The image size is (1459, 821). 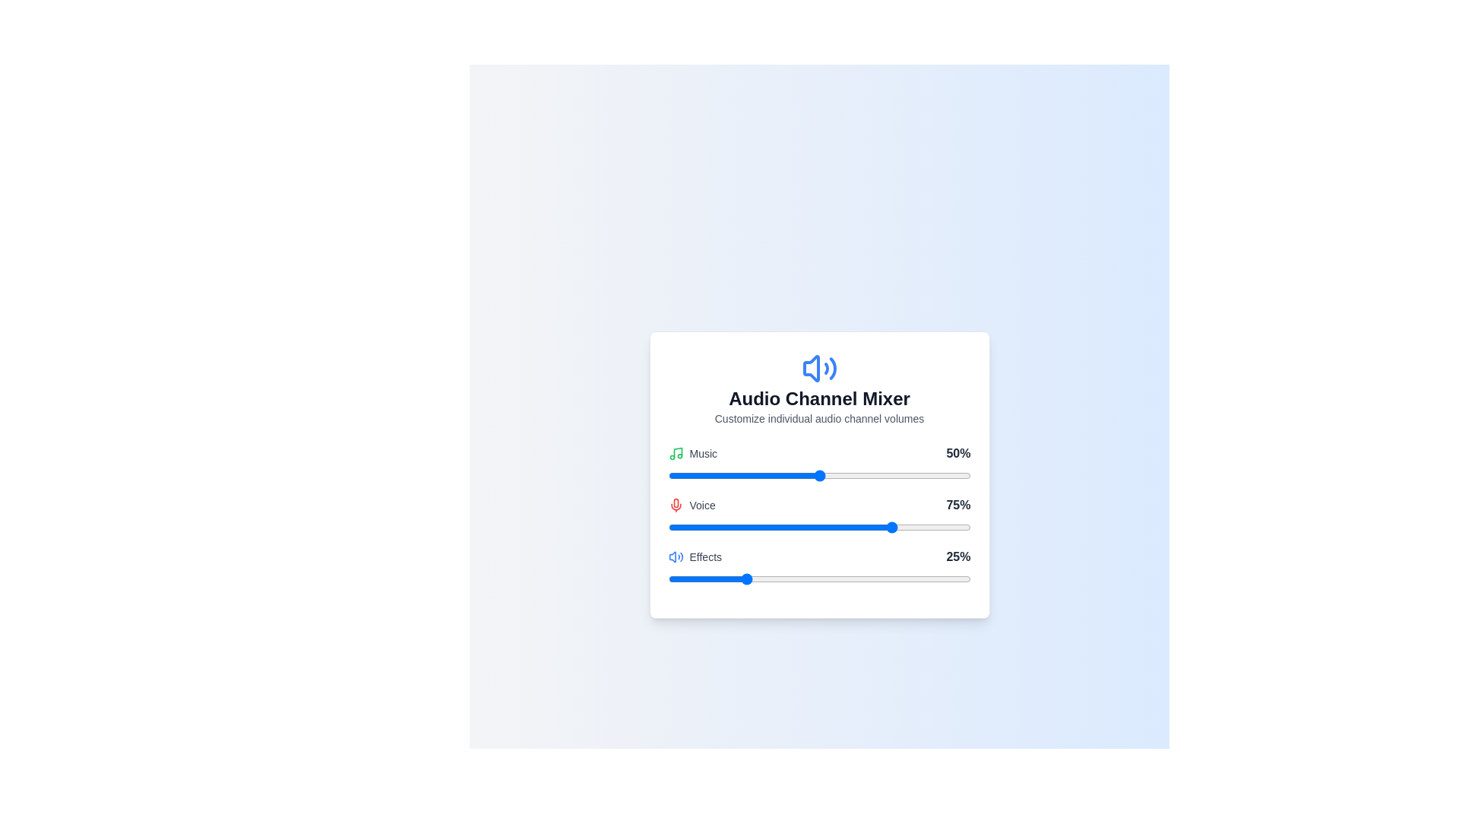 I want to click on the 'Effects' volume slider, so click(x=915, y=579).